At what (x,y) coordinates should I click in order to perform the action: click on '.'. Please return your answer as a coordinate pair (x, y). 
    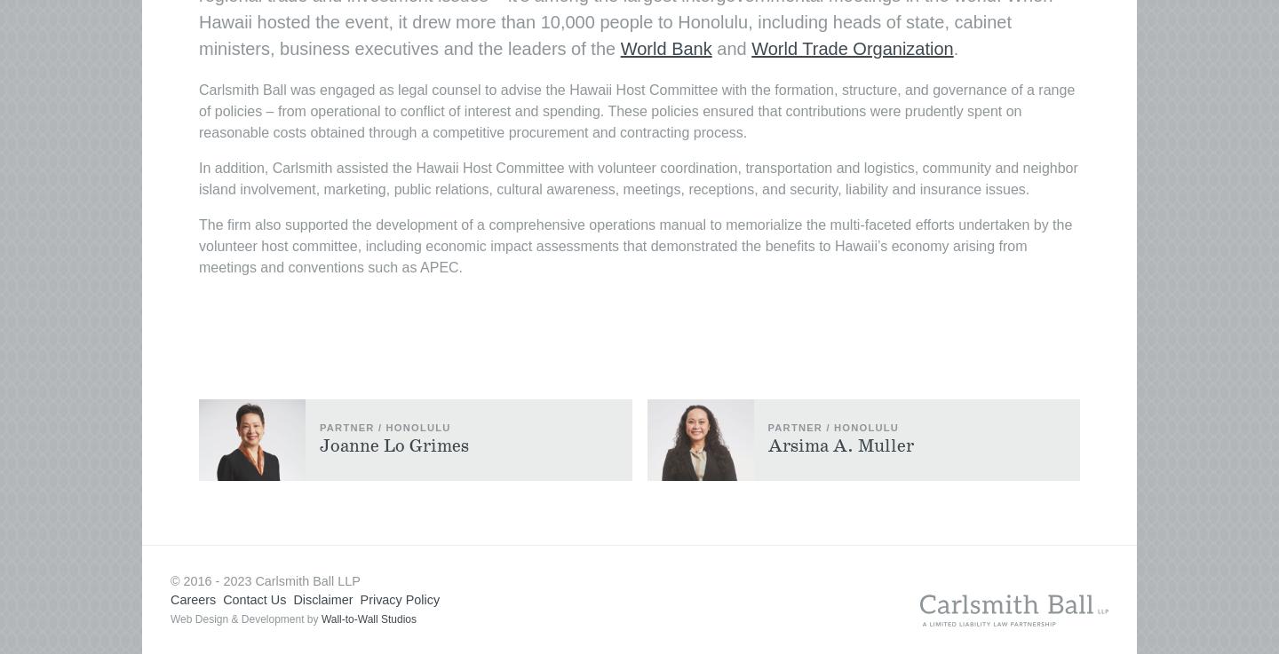
    Looking at the image, I should click on (952, 48).